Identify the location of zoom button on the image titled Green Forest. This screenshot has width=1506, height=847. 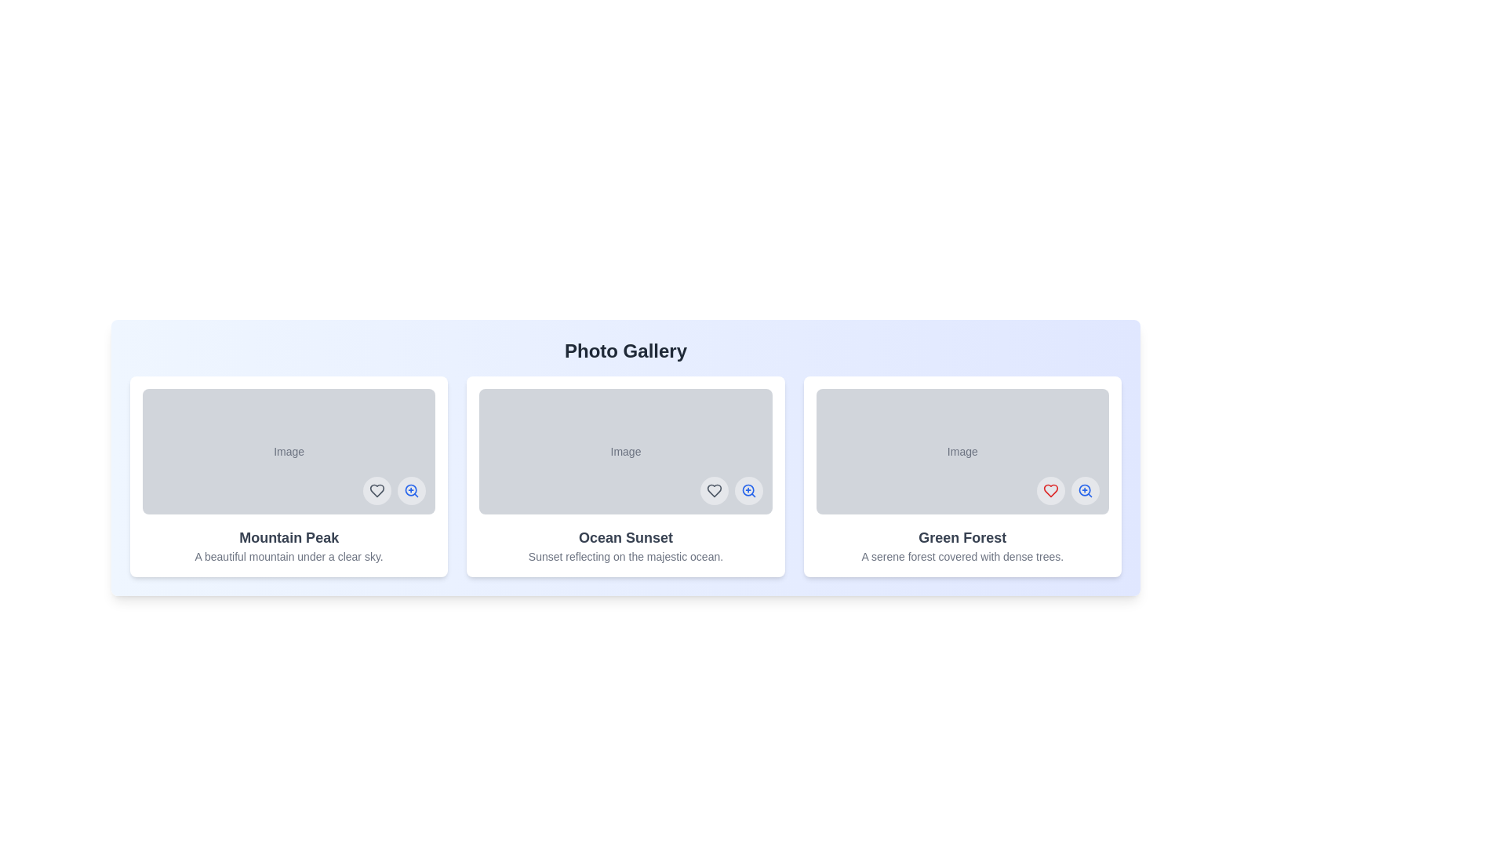
(1084, 489).